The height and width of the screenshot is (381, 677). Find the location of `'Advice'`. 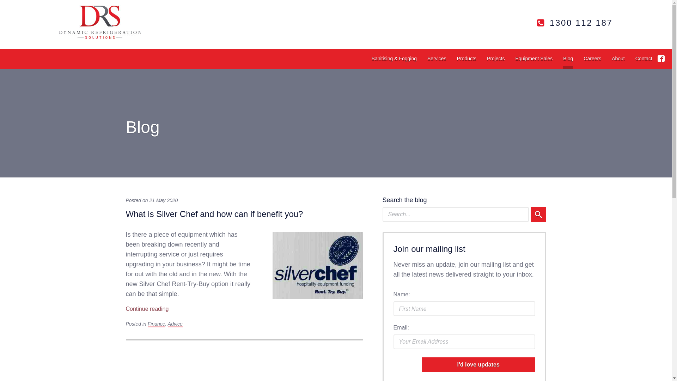

'Advice' is located at coordinates (175, 324).